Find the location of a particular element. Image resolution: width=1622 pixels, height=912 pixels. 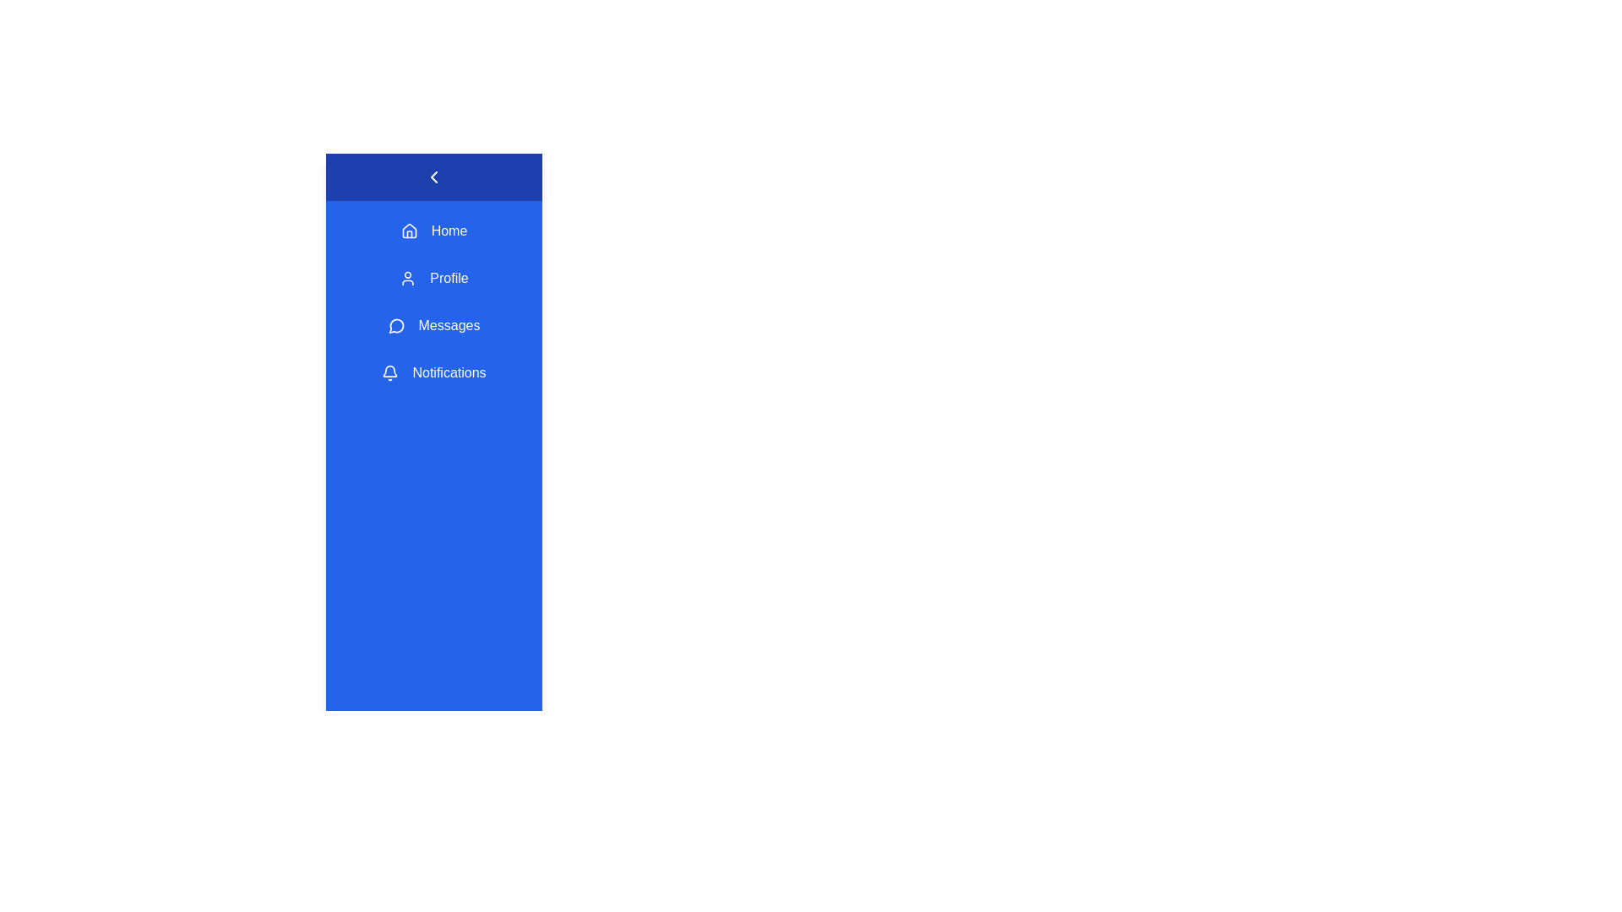

the menu item labeled 'Messages' to highlight it is located at coordinates (433, 325).